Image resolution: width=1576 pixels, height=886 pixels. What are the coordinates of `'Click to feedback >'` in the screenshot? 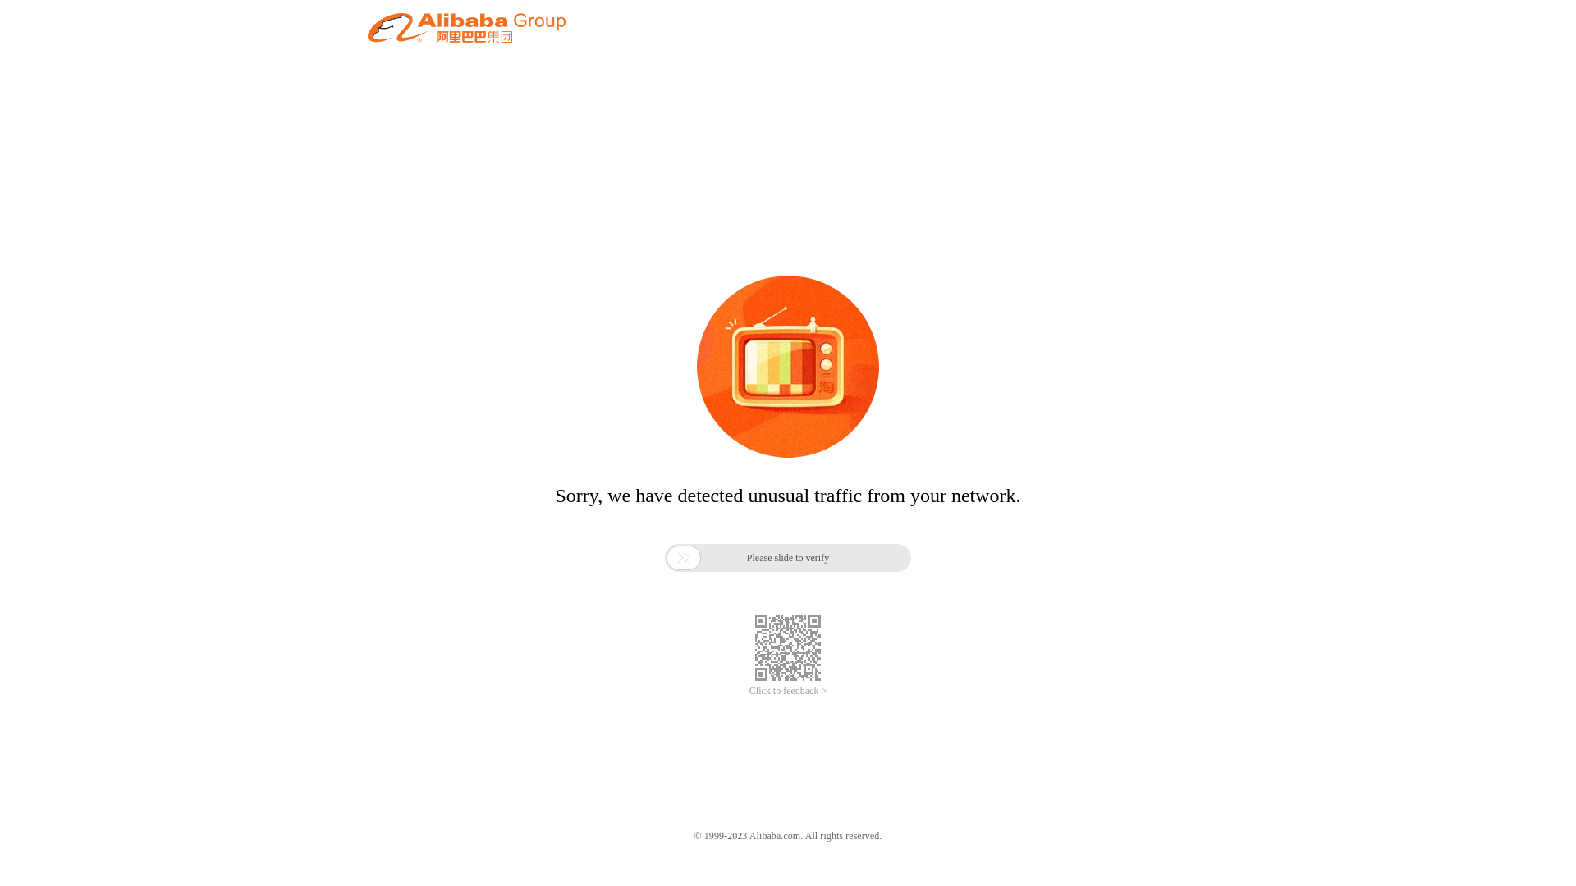 It's located at (788, 691).